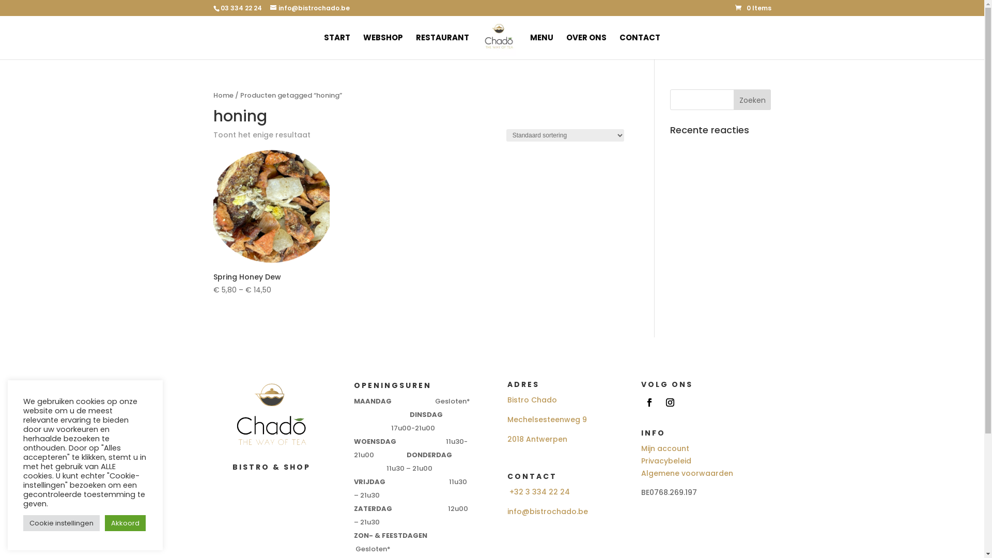 The width and height of the screenshot is (992, 558). What do you see at coordinates (61, 523) in the screenshot?
I see `'Cookie instellingen'` at bounding box center [61, 523].